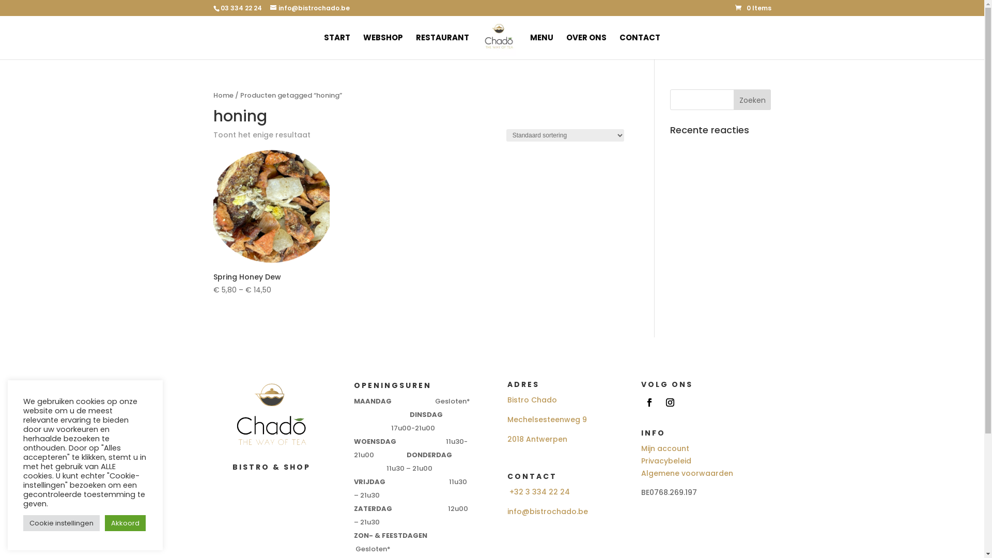 The width and height of the screenshot is (992, 558). What do you see at coordinates (61, 523) in the screenshot?
I see `'Cookie instellingen'` at bounding box center [61, 523].